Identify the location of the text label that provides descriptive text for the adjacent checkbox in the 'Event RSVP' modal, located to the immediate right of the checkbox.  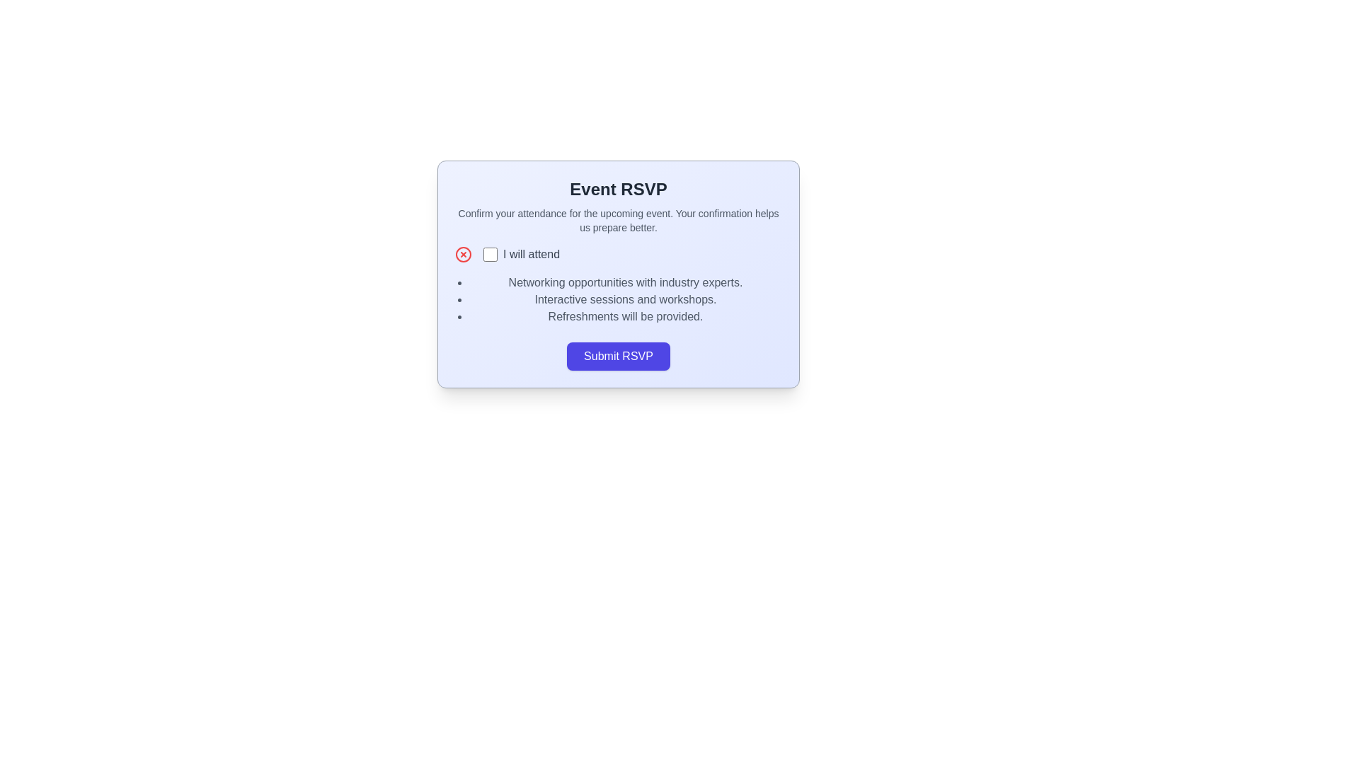
(531, 253).